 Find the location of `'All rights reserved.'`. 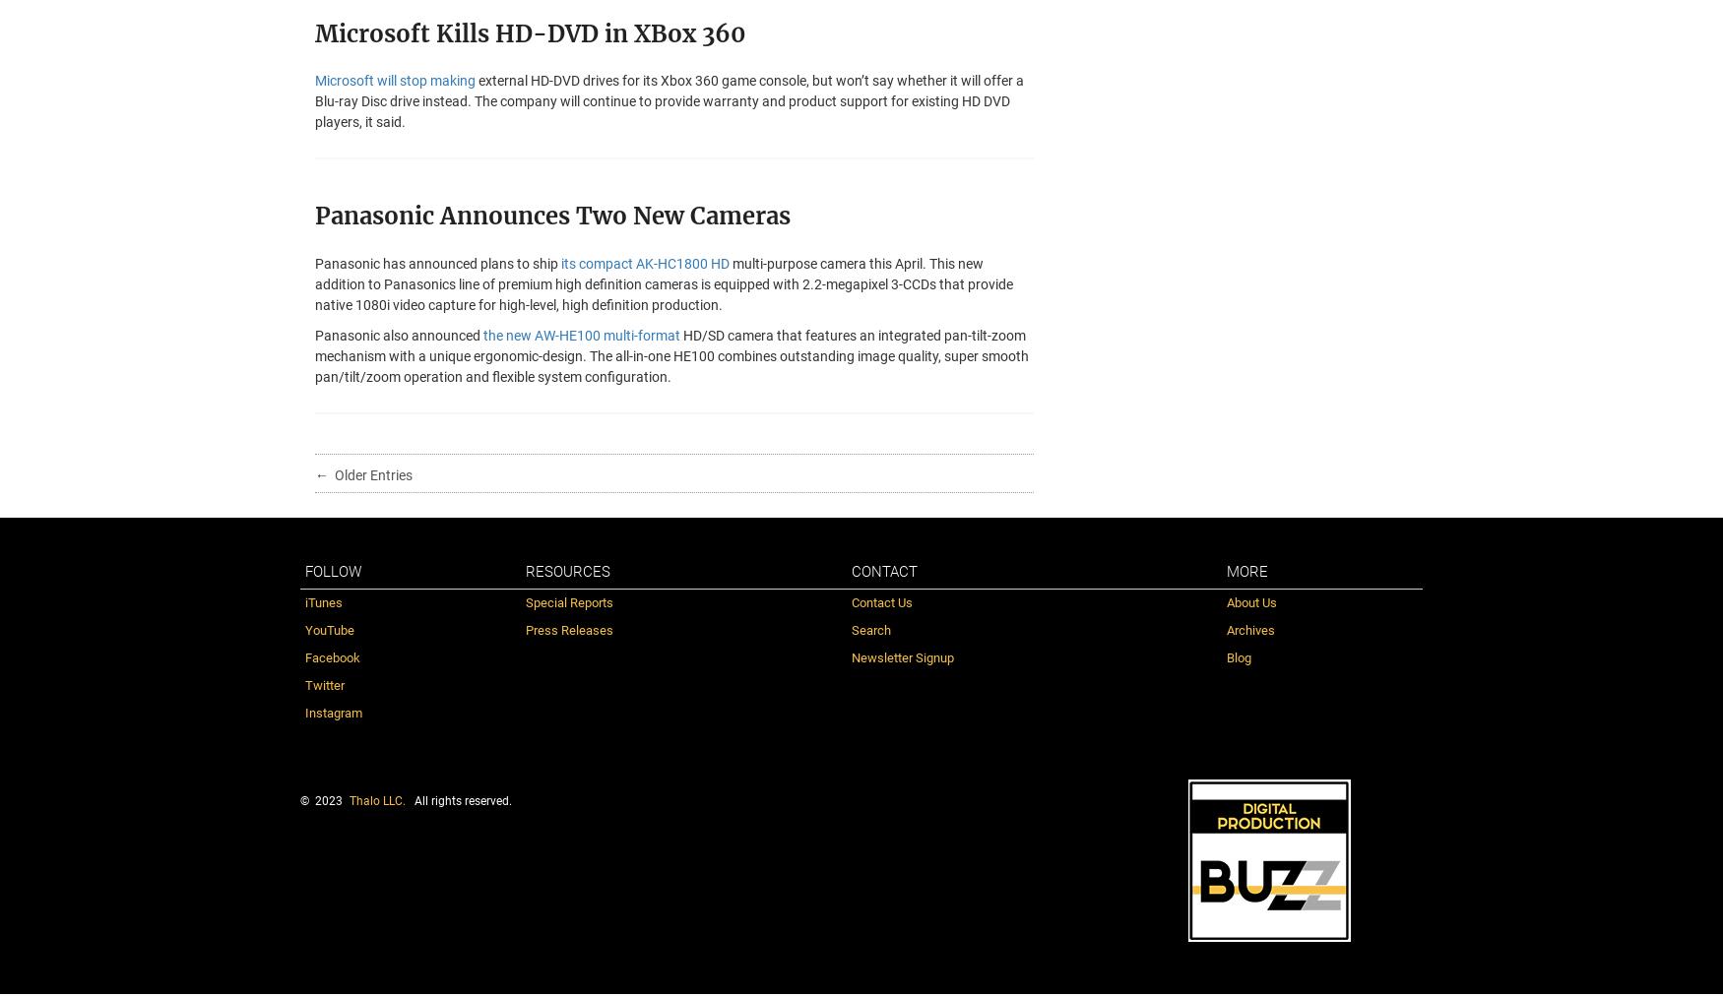

'All rights reserved.' is located at coordinates (462, 800).